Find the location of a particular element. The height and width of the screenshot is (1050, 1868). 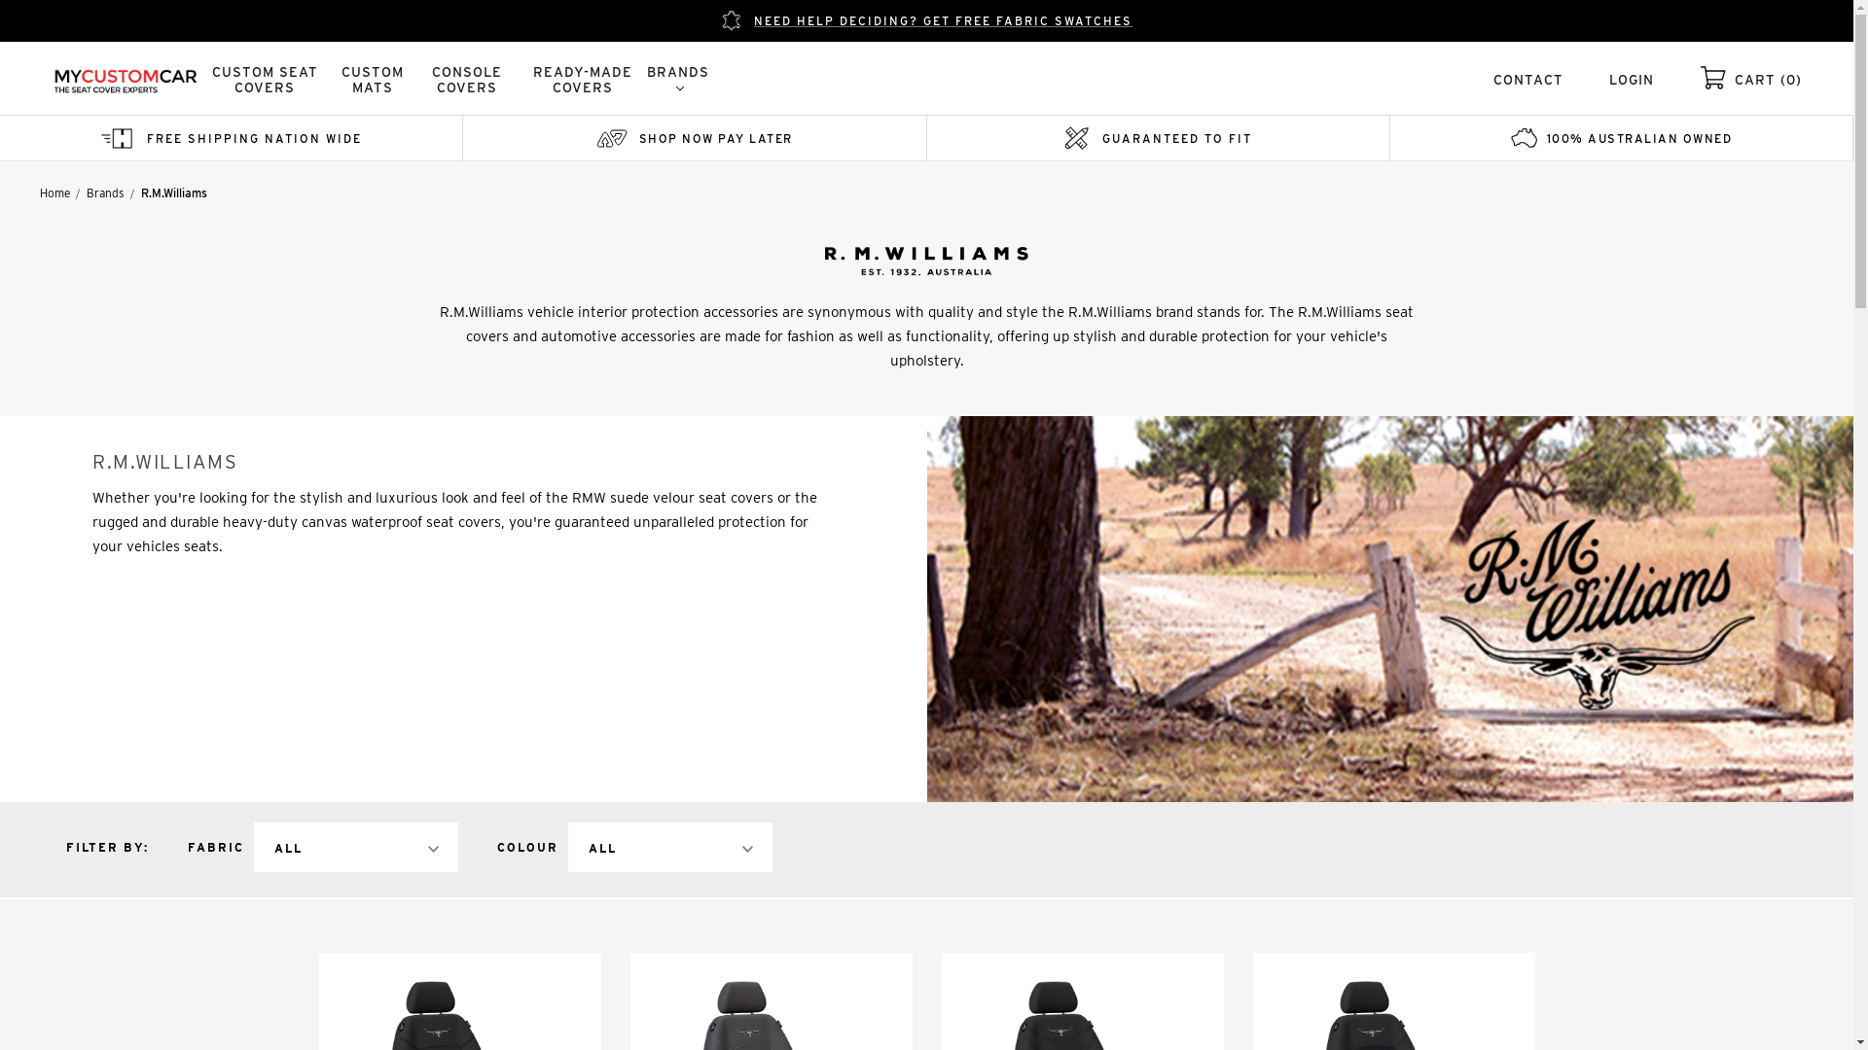

'CONTACT' is located at coordinates (1492, 78).